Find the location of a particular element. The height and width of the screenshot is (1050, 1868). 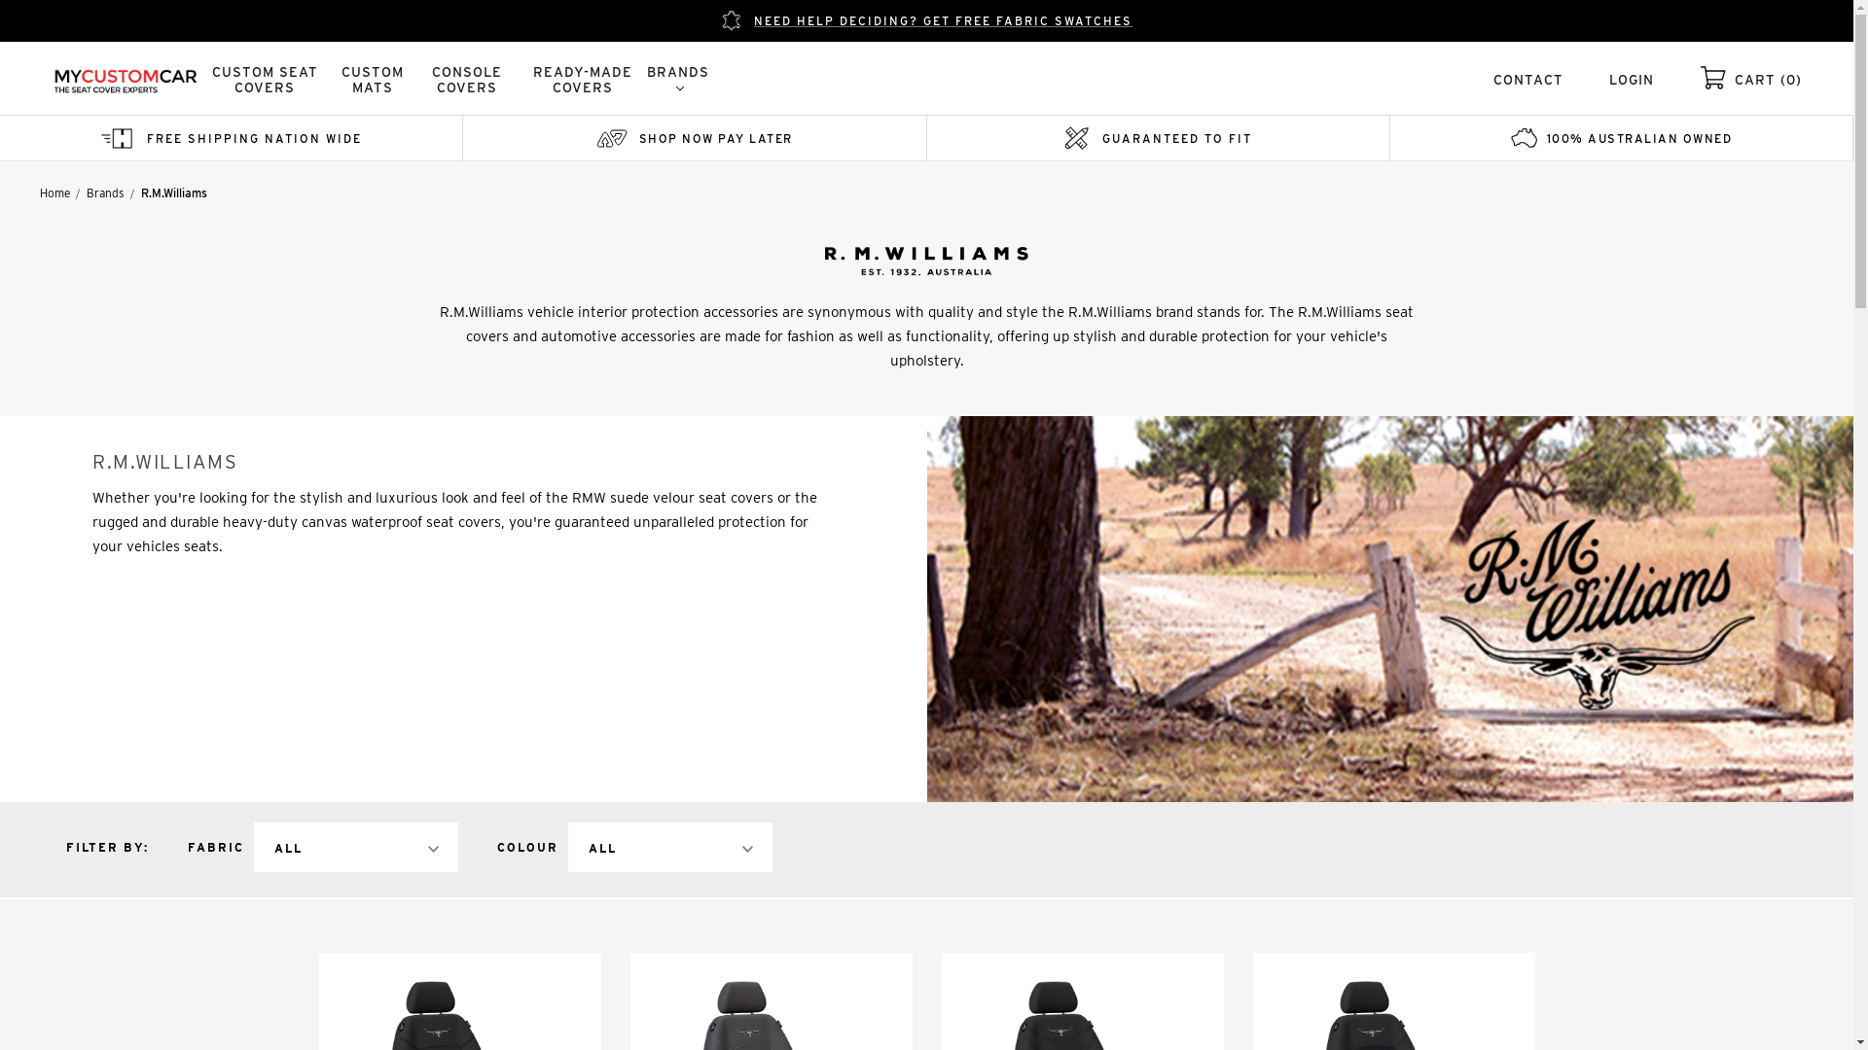

'CONTACT' is located at coordinates (1492, 78).